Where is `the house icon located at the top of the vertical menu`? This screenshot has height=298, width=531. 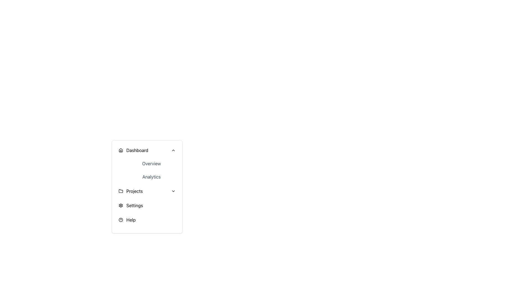 the house icon located at the top of the vertical menu is located at coordinates (120, 150).